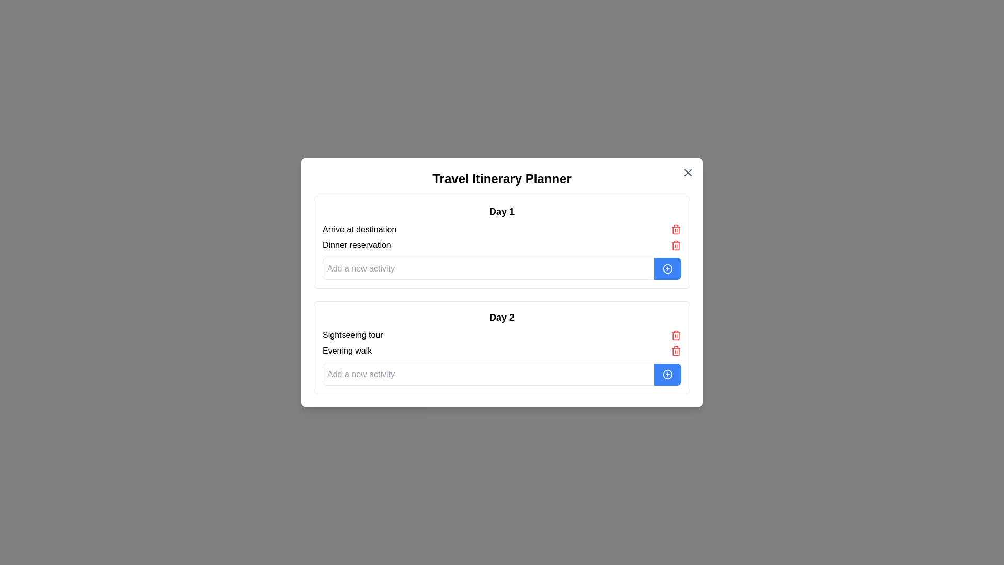 This screenshot has height=565, width=1004. I want to click on the button positioned to the immediate right of the 'Add a new activity' input field in the 'Day 1' section of the 'Travel Itinerary Planner', so click(667, 268).